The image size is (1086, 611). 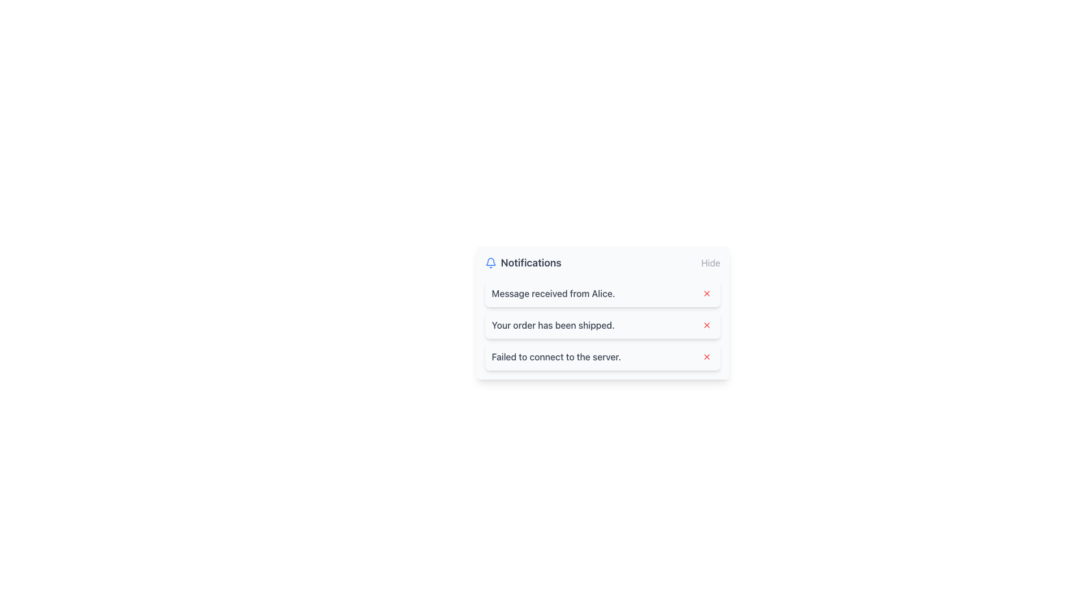 I want to click on the informational message text in the second notification card with a light-green background, which indicates the shipment status of an order, so click(x=553, y=325).